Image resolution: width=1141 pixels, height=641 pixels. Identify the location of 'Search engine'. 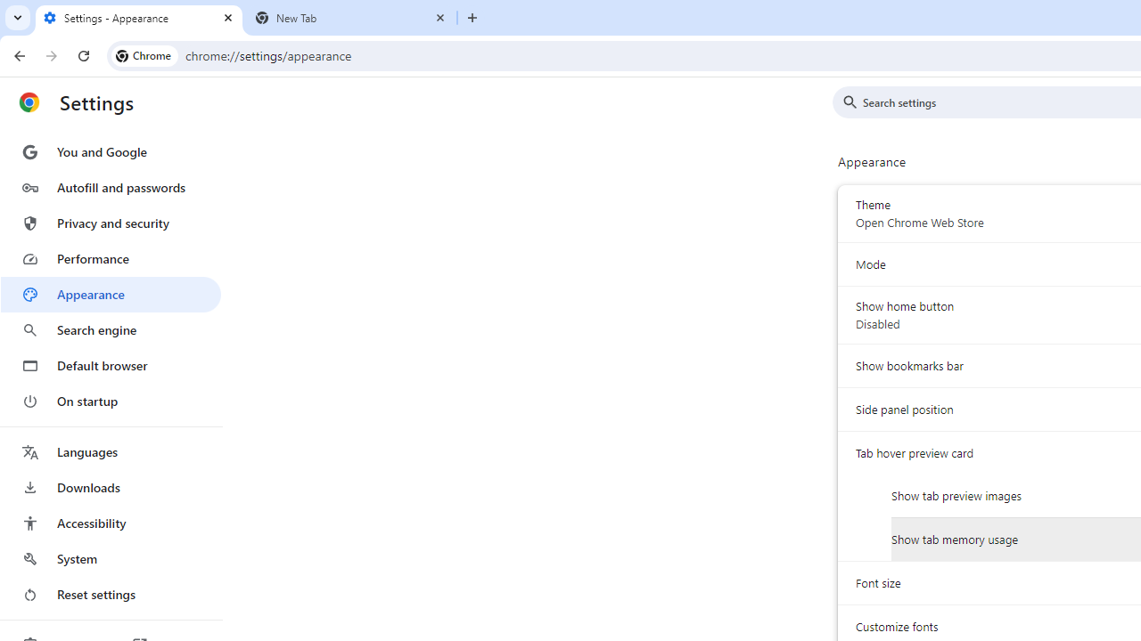
(110, 330).